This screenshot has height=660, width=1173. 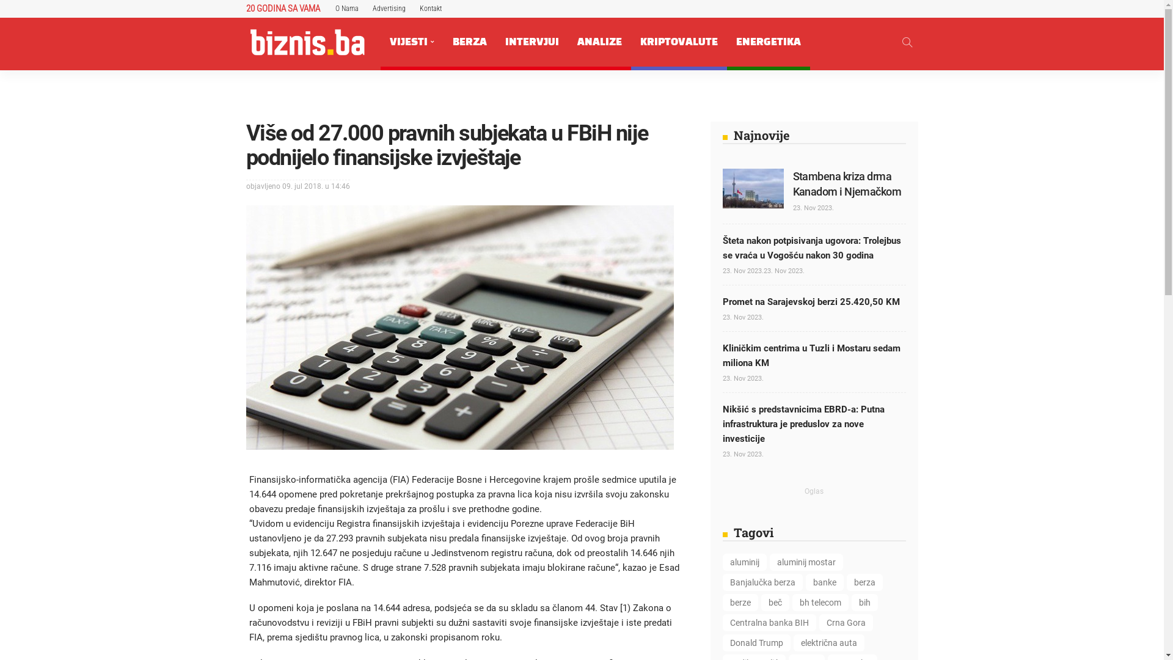 I want to click on 'BERZA', so click(x=469, y=42).